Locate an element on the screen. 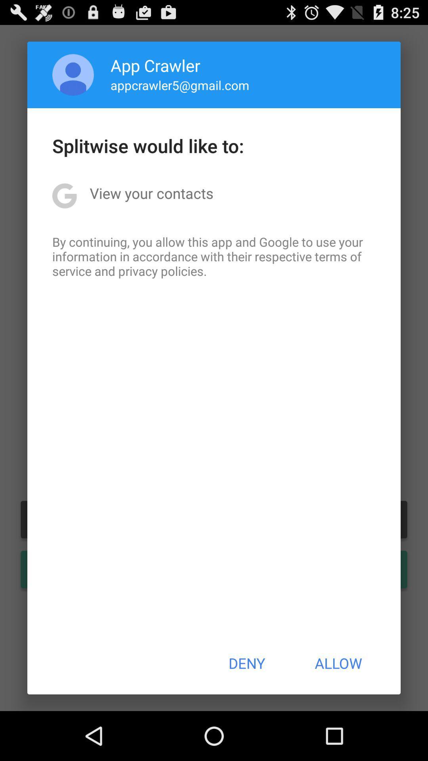  the item below the app crawler is located at coordinates (180, 85).